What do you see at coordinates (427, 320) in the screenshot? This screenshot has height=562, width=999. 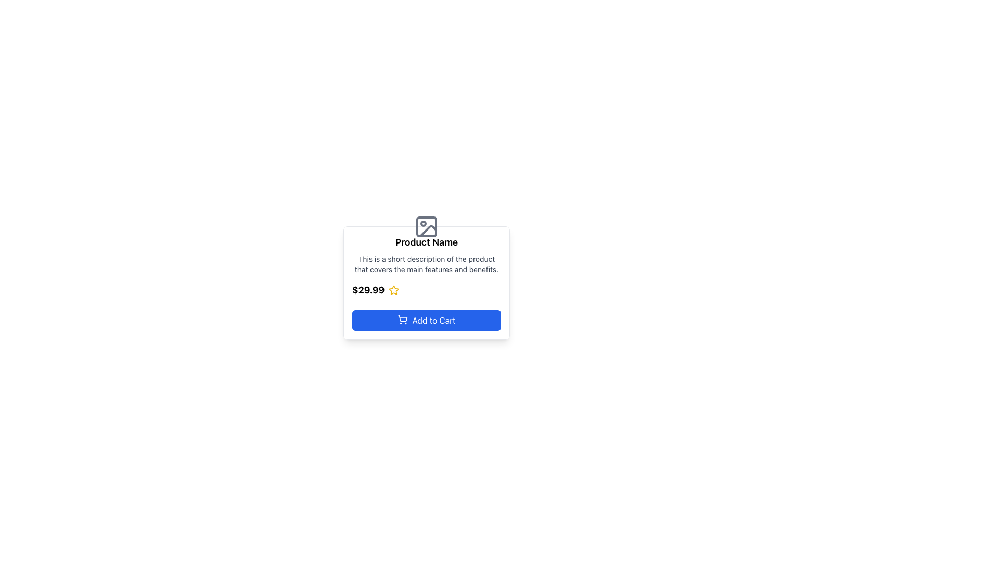 I see `the 'Add to Cart' button located below the product description and price` at bounding box center [427, 320].